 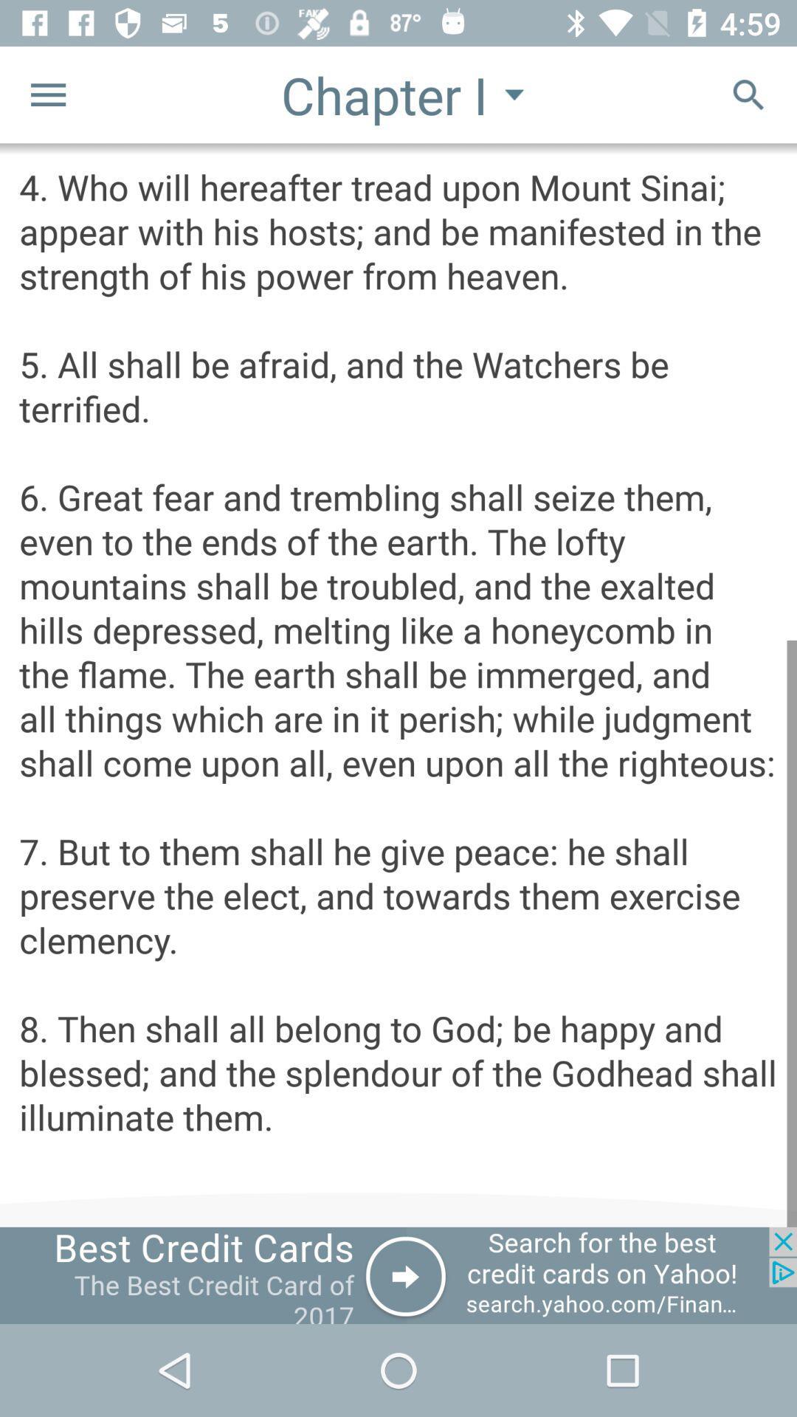 What do you see at coordinates (748, 94) in the screenshot?
I see `the search icon` at bounding box center [748, 94].